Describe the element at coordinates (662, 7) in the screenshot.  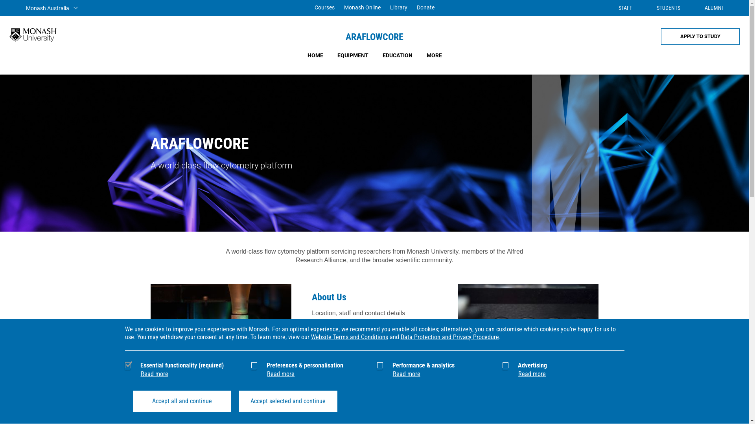
I see `'STUDENTS'` at that location.